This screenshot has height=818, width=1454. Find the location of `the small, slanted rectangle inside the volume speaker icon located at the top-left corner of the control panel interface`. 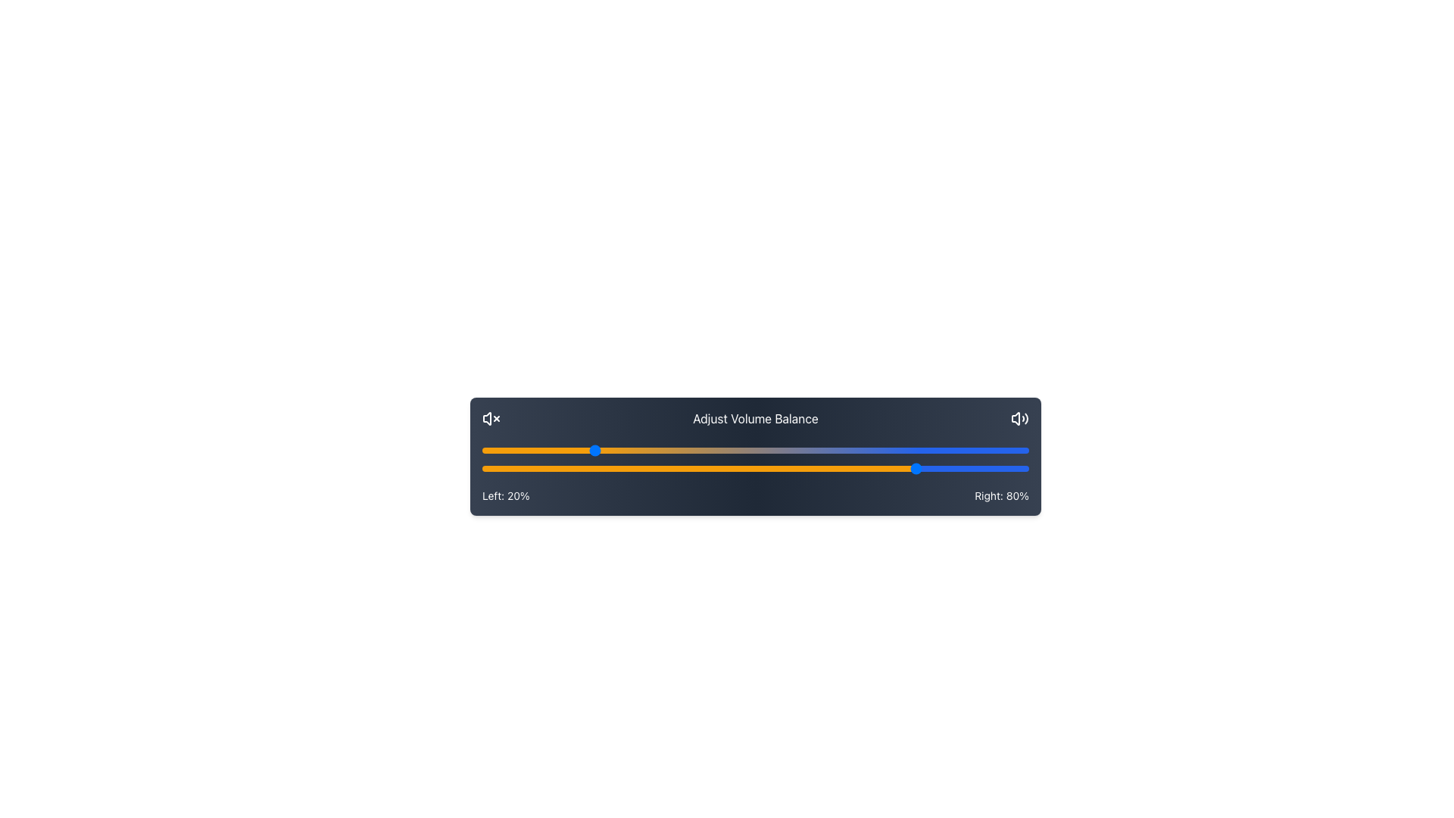

the small, slanted rectangle inside the volume speaker icon located at the top-left corner of the control panel interface is located at coordinates (487, 418).